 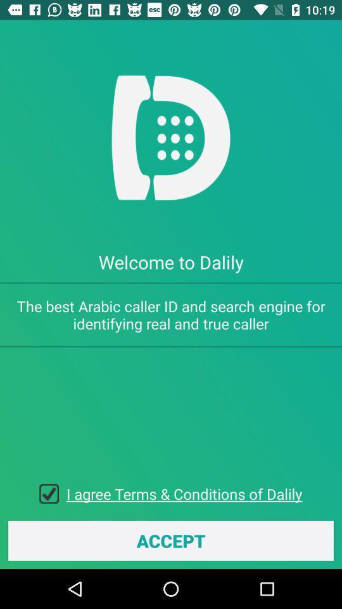 What do you see at coordinates (184, 493) in the screenshot?
I see `item above accept` at bounding box center [184, 493].